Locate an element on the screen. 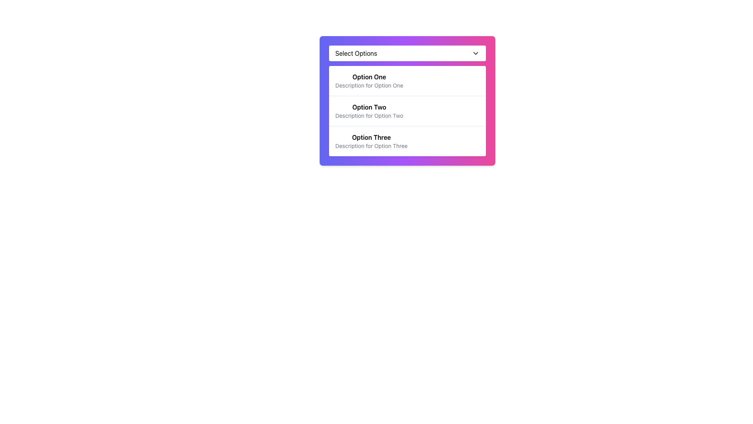 The width and height of the screenshot is (753, 424). assistive technology is located at coordinates (371, 137).